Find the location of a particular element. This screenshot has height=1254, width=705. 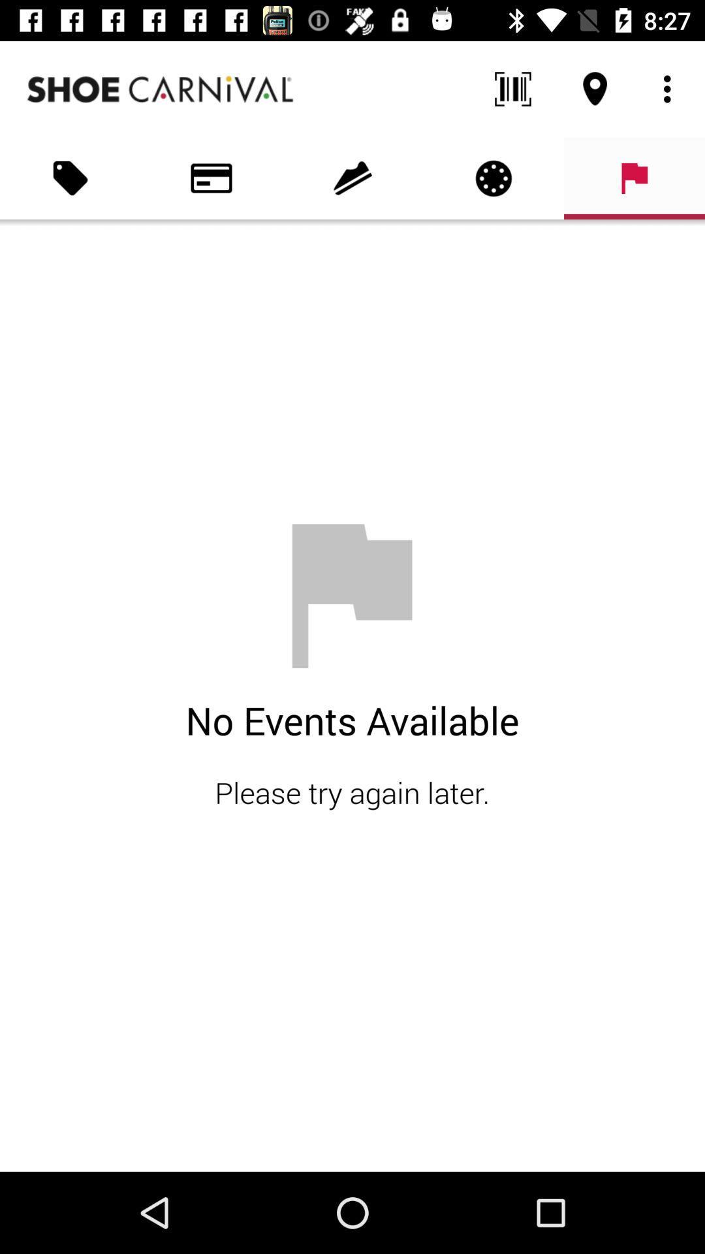

the image which is above the text no events available is located at coordinates (352, 595).